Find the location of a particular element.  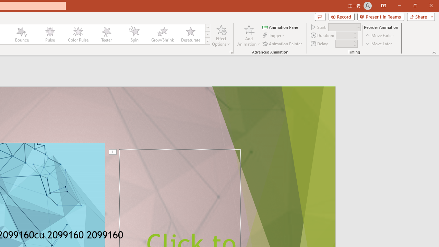

'Animation Duration' is located at coordinates (344, 35).